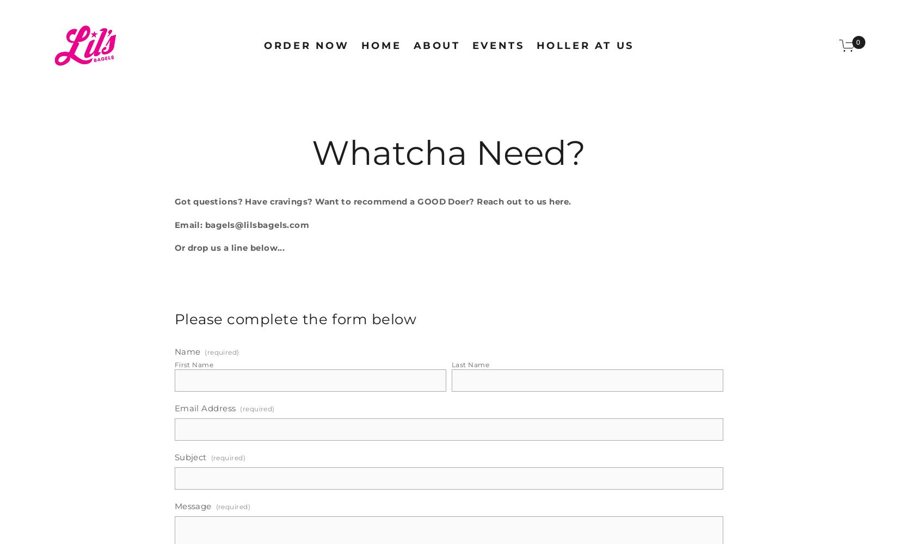  I want to click on 'Last Name', so click(470, 364).